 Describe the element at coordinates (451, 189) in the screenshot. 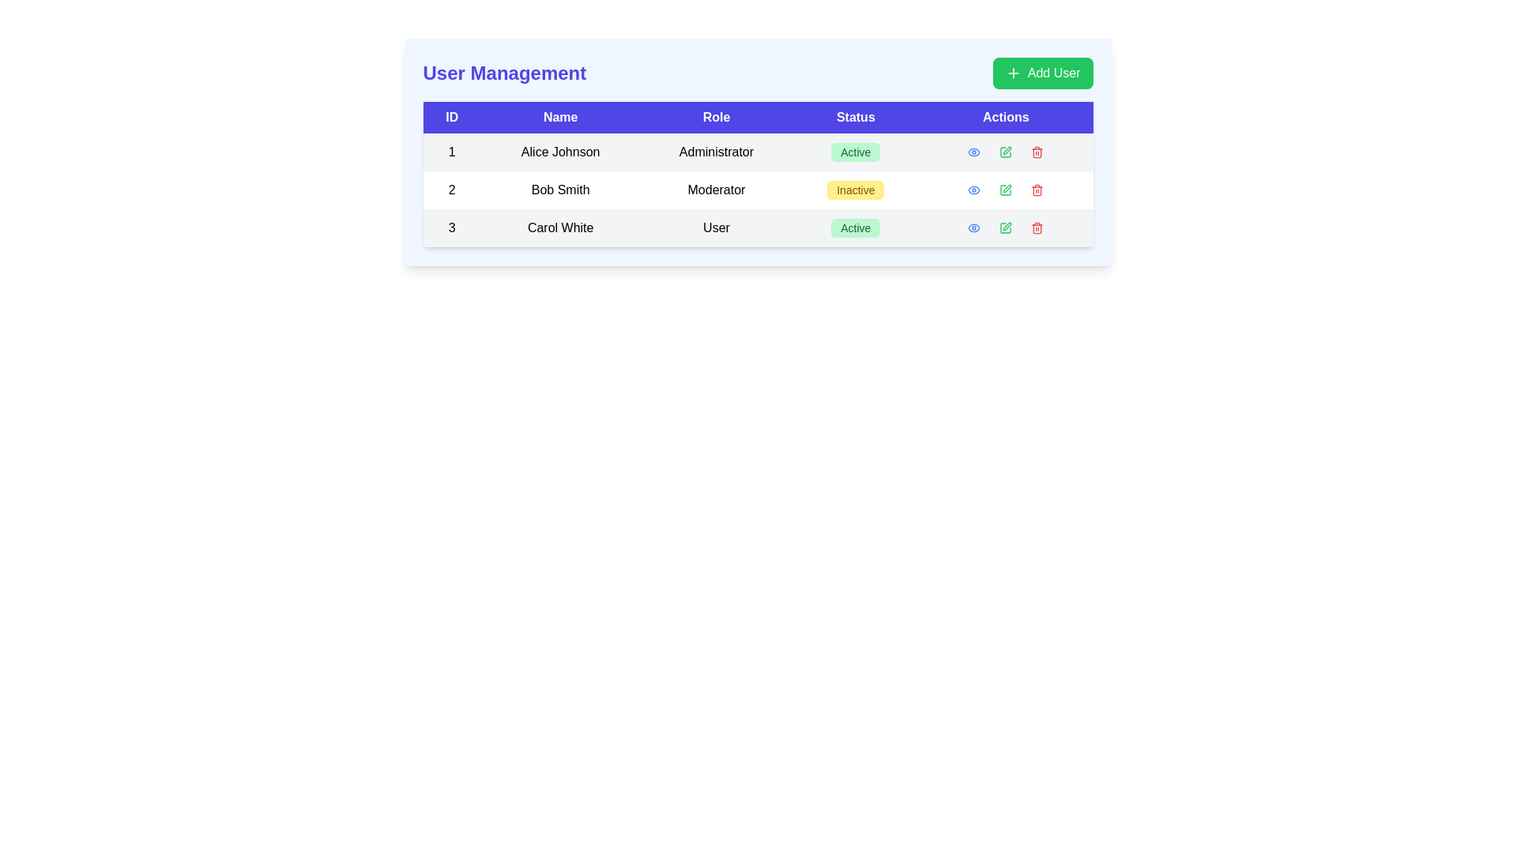

I see `the text display showing the number '2' in the second row of the table under the 'ID' column, corresponding to user 'Bob Smith'` at that location.